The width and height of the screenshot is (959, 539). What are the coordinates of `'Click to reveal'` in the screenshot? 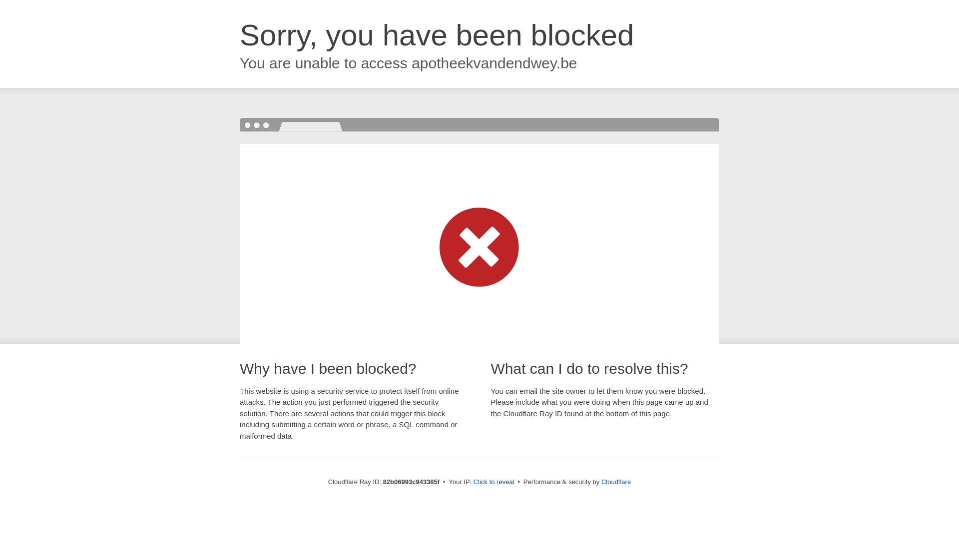 It's located at (493, 481).